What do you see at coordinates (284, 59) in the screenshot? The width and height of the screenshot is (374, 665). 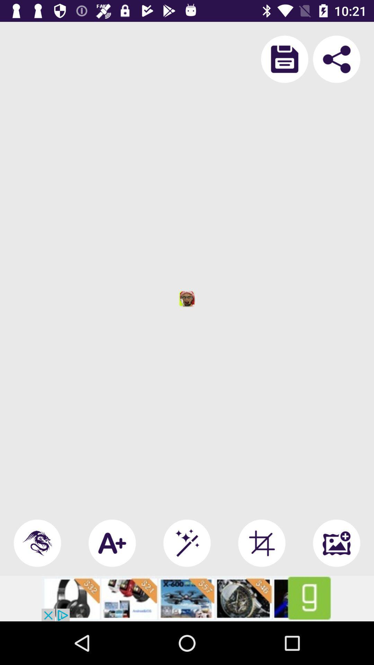 I see `the save icon` at bounding box center [284, 59].